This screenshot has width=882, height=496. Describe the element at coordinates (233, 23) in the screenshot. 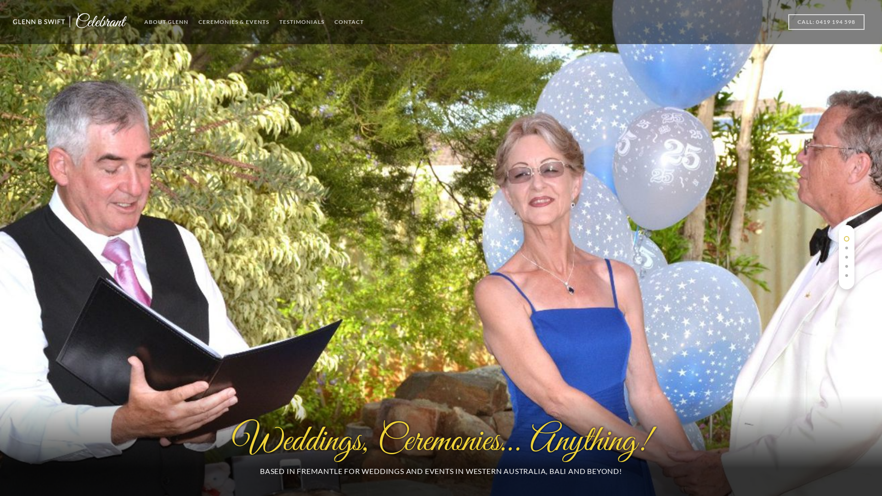

I see `'CEREMONIES & EVENTS'` at that location.